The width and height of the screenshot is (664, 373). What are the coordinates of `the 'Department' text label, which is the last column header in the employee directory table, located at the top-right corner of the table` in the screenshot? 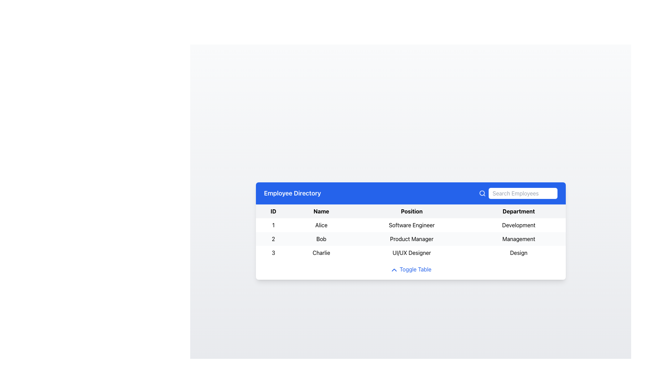 It's located at (519, 211).